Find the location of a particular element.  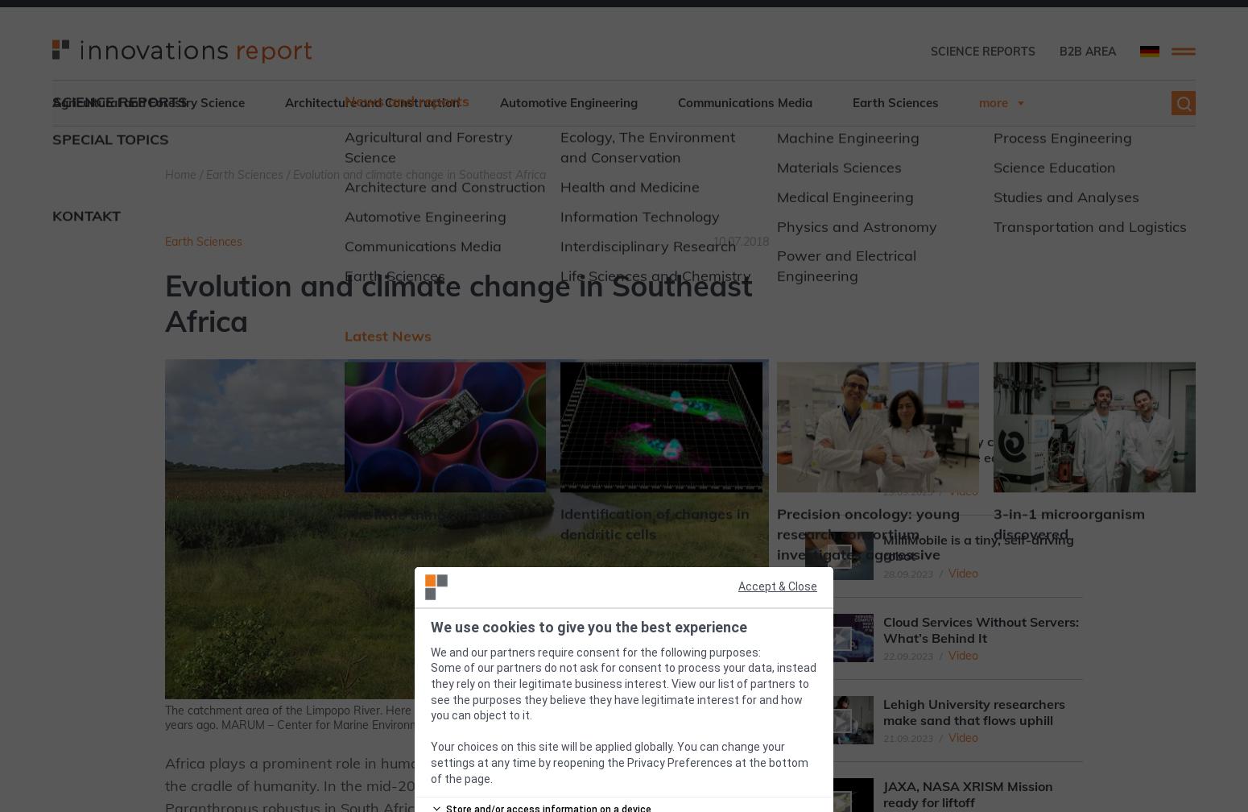

'Home' is located at coordinates (180, 175).